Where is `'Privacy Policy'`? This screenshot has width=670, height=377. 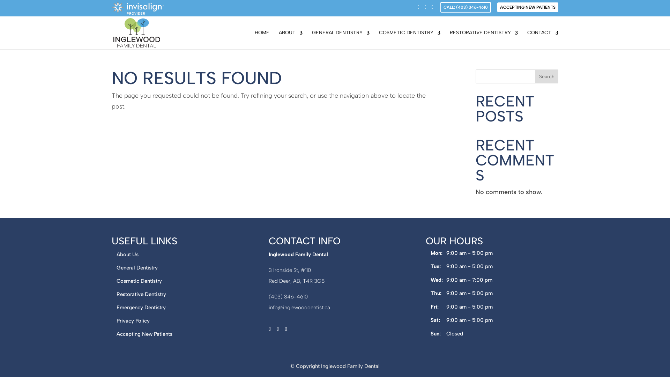
'Privacy Policy' is located at coordinates (133, 320).